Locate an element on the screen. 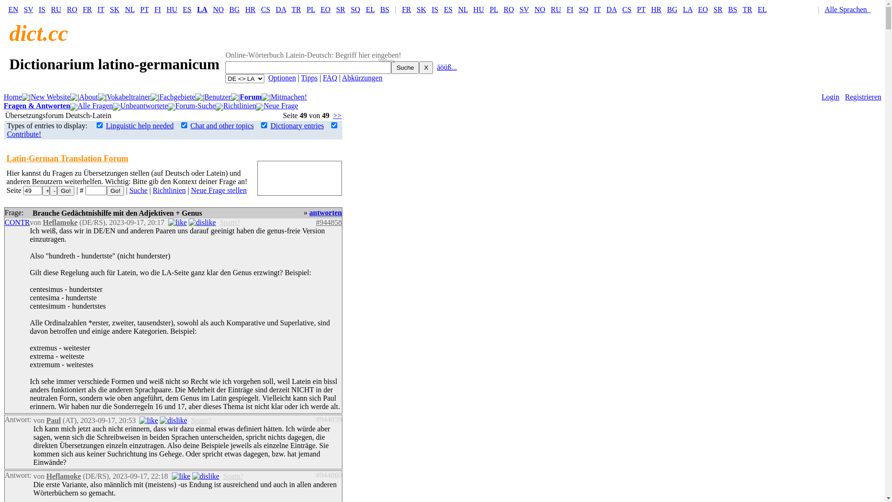  'Go!' is located at coordinates (57, 190).